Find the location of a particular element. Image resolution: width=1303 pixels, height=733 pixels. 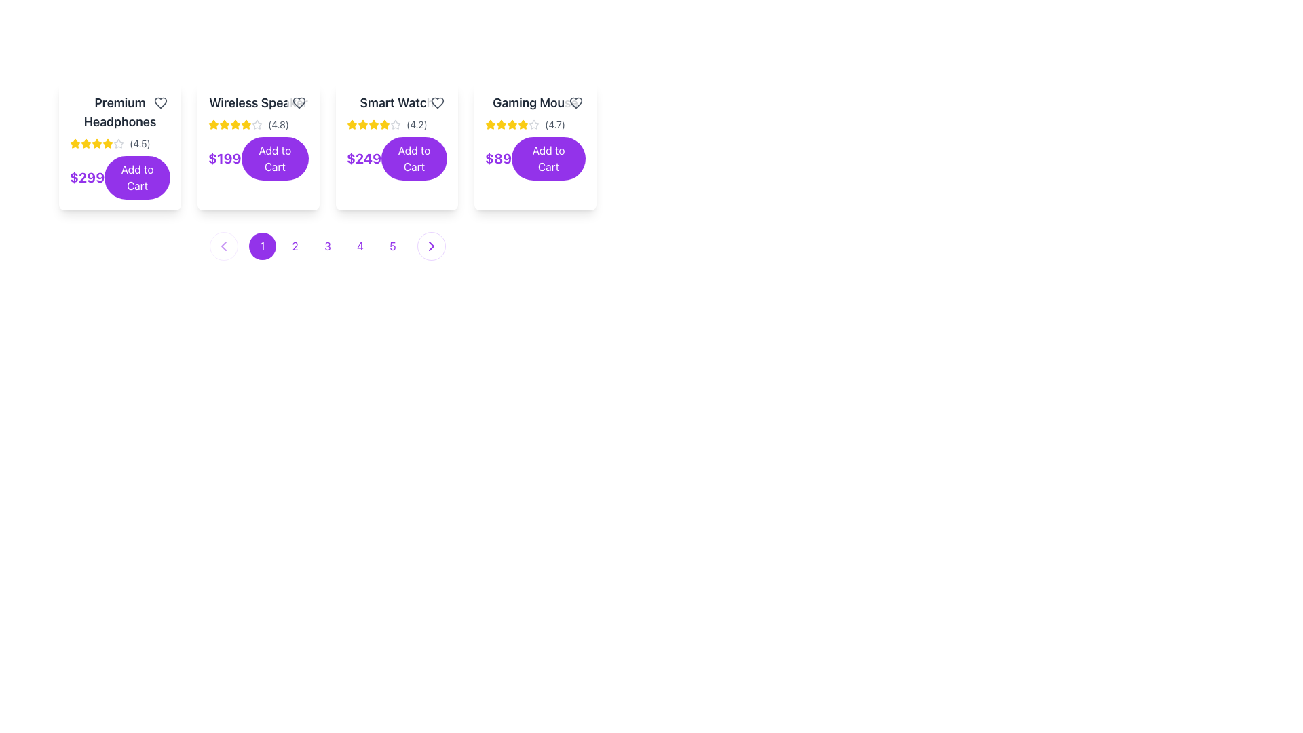

the product title text label located in the second product card from the left, which serves as the name of the displayed product is located at coordinates (258, 102).